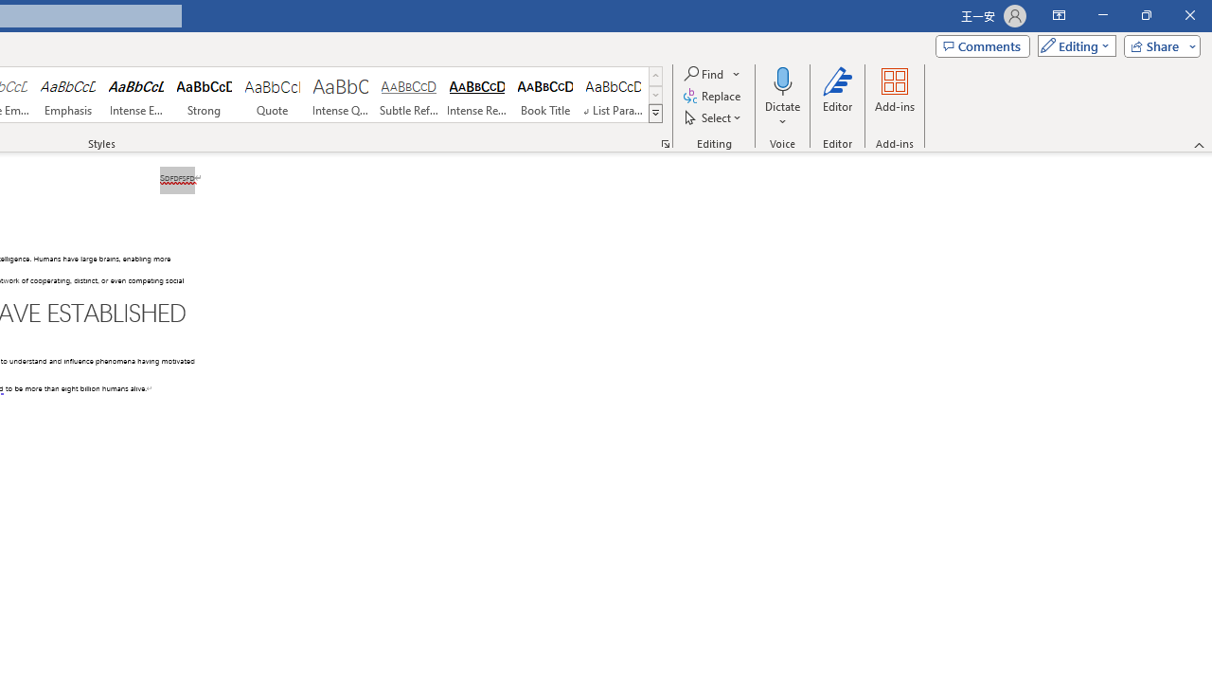  What do you see at coordinates (1073, 45) in the screenshot?
I see `'Mode'` at bounding box center [1073, 45].